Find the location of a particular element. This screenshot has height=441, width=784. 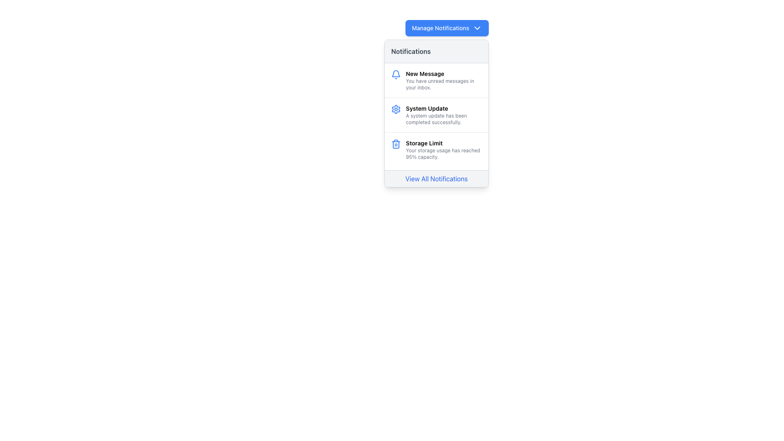

the gear icon located at the top-right corner of the interface within the 'Notifications' dropdown menu is located at coordinates (396, 109).